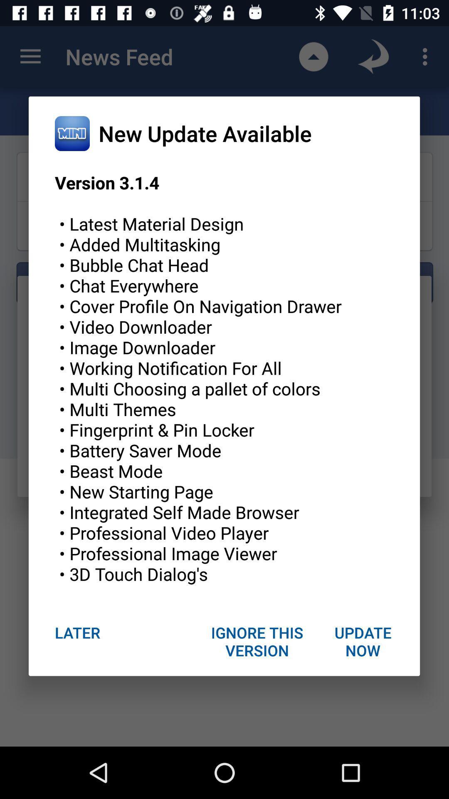  What do you see at coordinates (362, 641) in the screenshot?
I see `icon to the right of ignore this` at bounding box center [362, 641].